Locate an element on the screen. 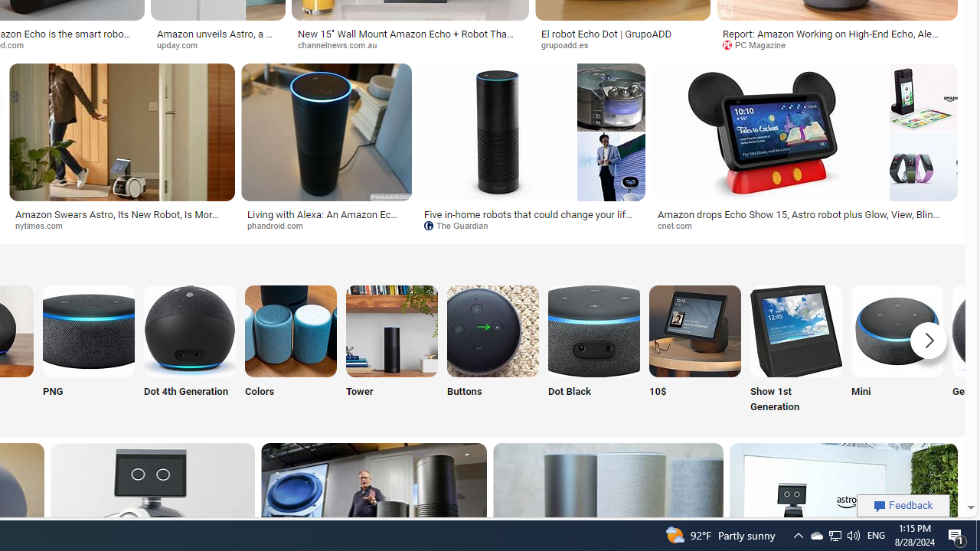 The image size is (980, 551). 'Amazon Echo Tower Tower' is located at coordinates (392, 350).